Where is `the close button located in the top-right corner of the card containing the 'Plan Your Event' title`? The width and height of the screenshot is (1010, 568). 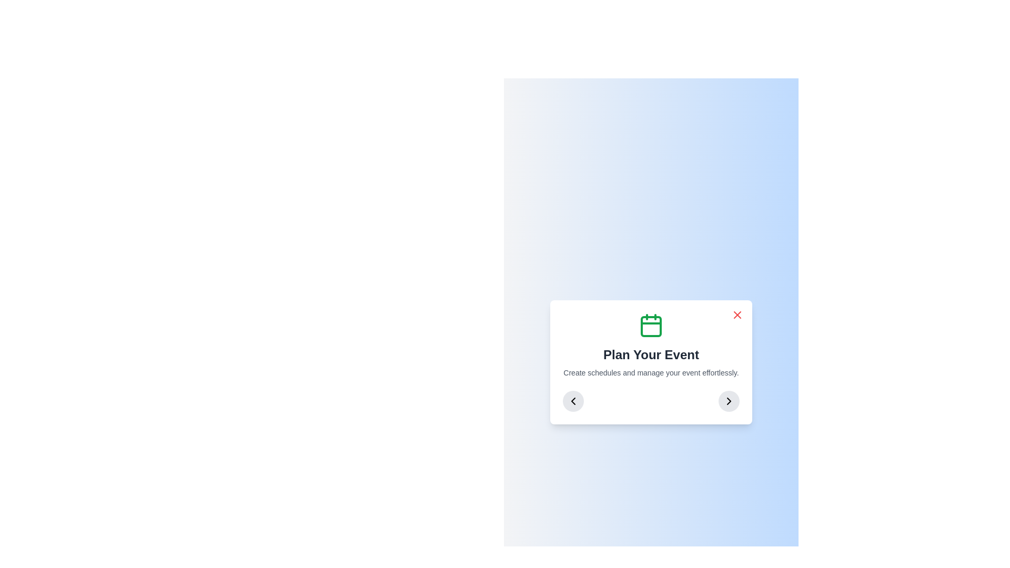 the close button located in the top-right corner of the card containing the 'Plan Your Event' title is located at coordinates (736, 314).